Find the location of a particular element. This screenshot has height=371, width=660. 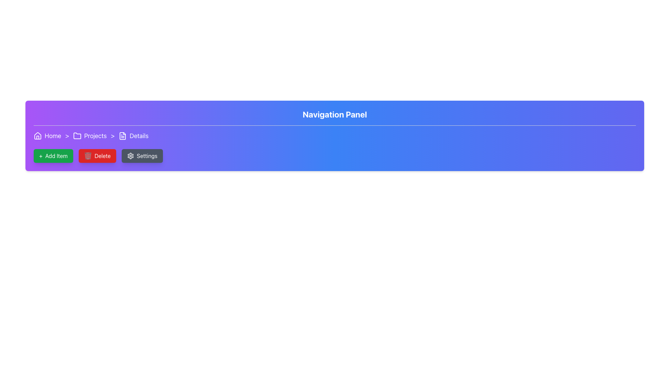

the delete button located between the green '+ Add Item' button and the gray 'Settings' button is located at coordinates (97, 156).